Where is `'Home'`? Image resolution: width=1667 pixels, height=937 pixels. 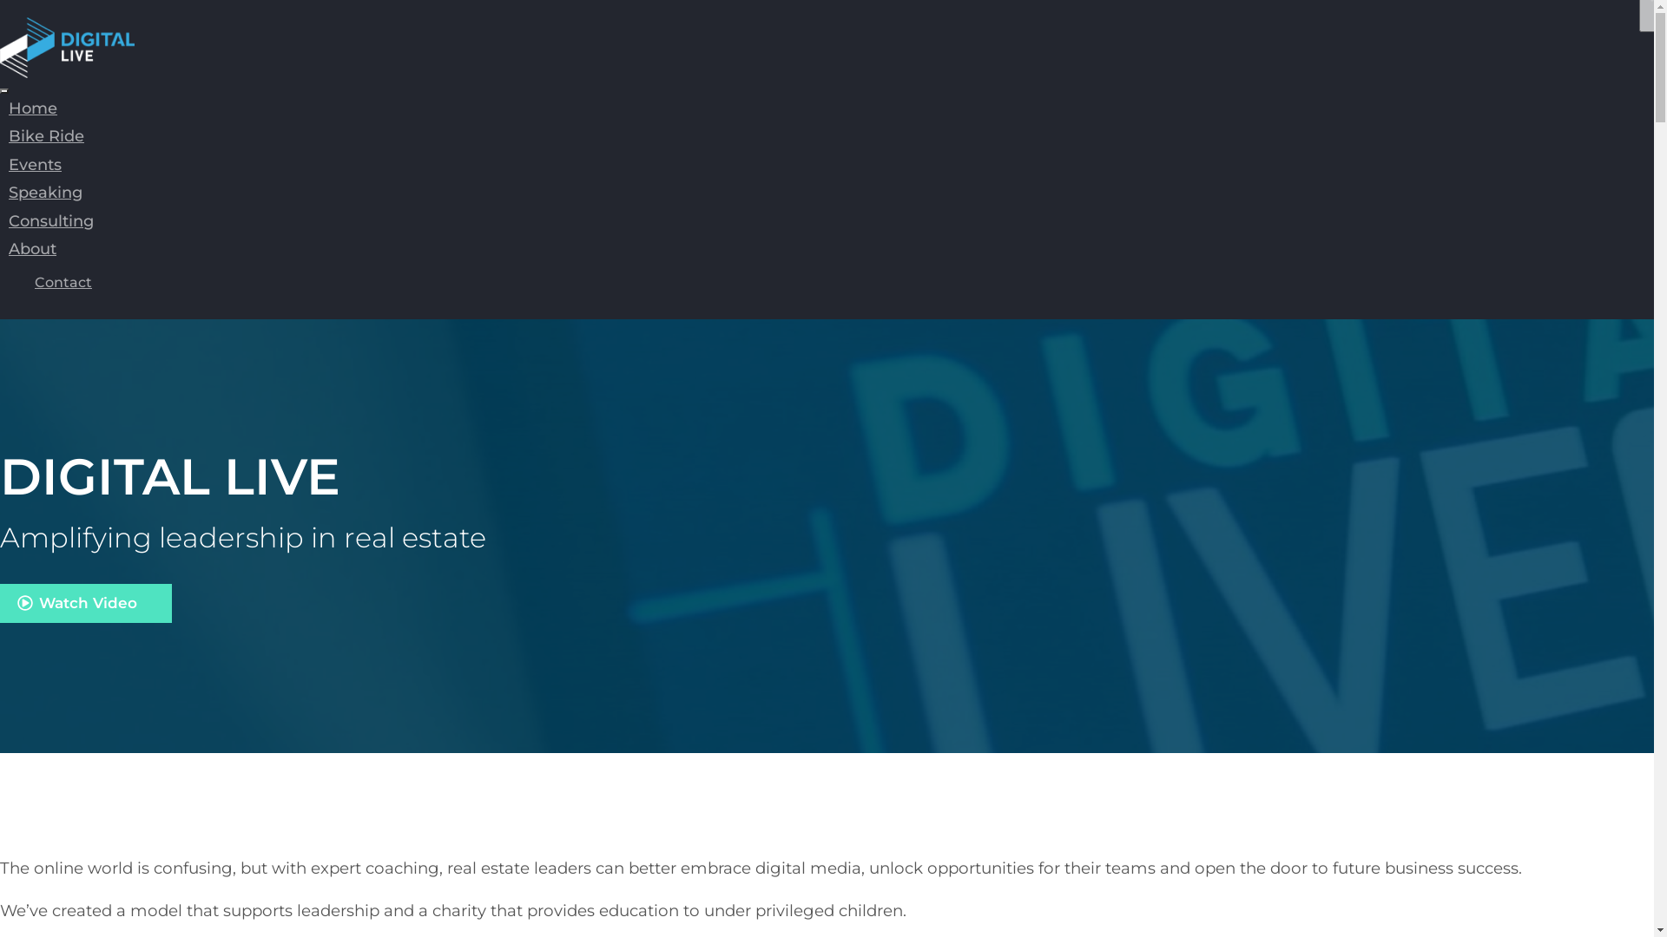 'Home' is located at coordinates (33, 108).